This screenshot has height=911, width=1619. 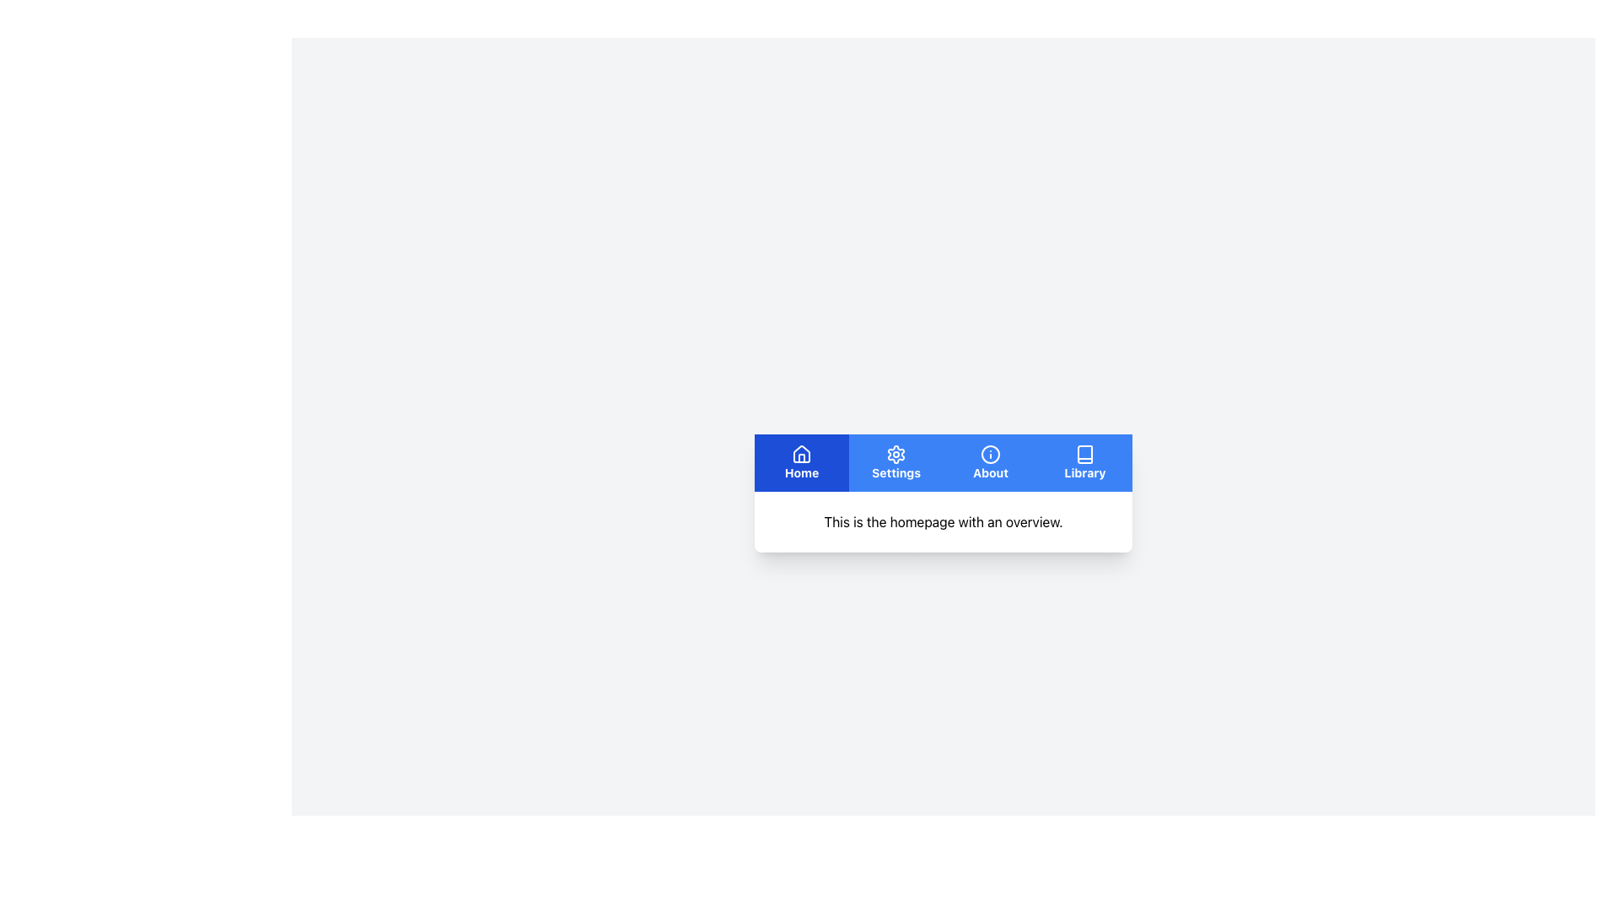 What do you see at coordinates (800, 472) in the screenshot?
I see `text of the 'Home' label, which serves as a visual indicator for the primary landing page or dashboard in the top horizontal menu bar` at bounding box center [800, 472].